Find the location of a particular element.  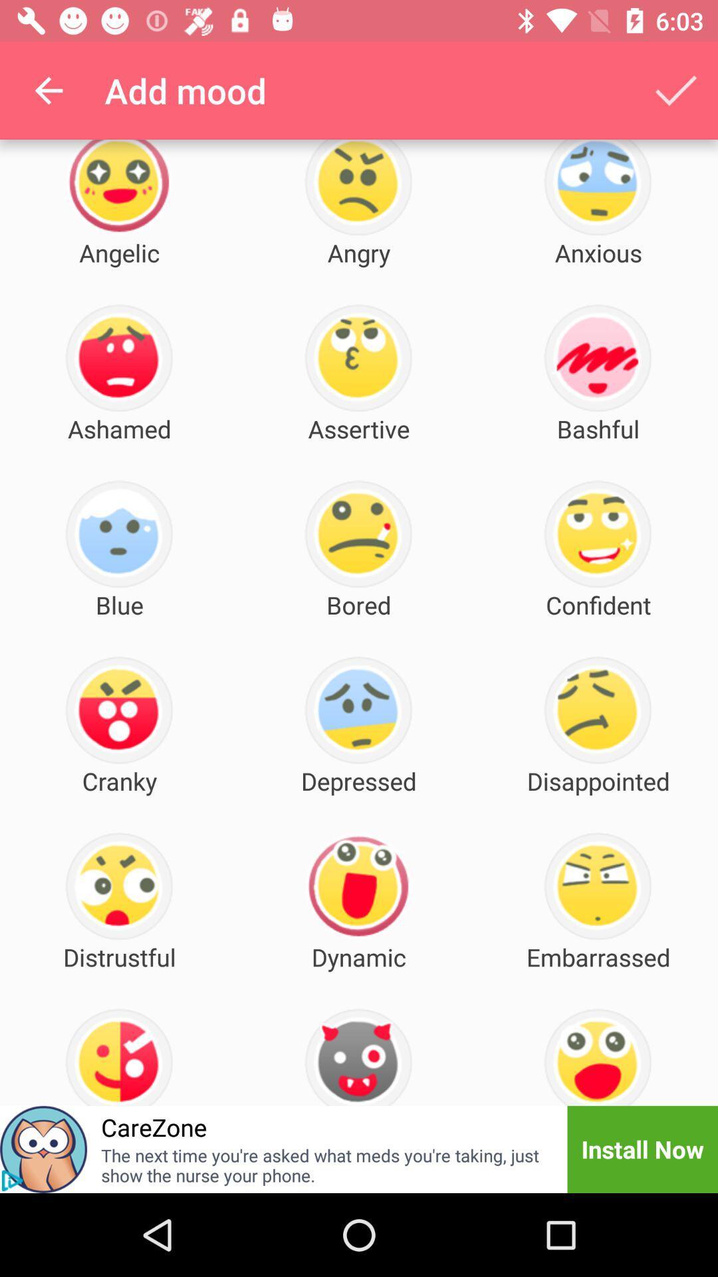

icon next to the the next time icon is located at coordinates (642, 1149).